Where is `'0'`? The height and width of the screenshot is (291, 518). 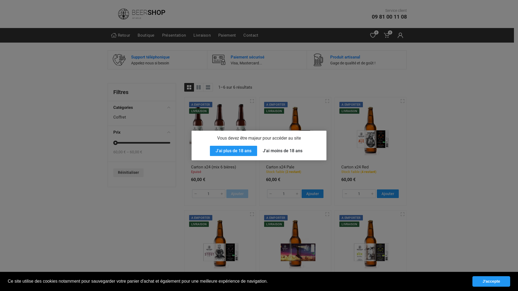
'0' is located at coordinates (366, 35).